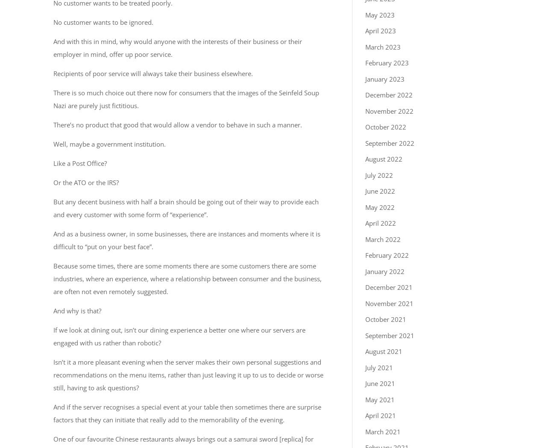 The width and height of the screenshot is (534, 448). Describe the element at coordinates (390, 335) in the screenshot. I see `'September 2021'` at that location.